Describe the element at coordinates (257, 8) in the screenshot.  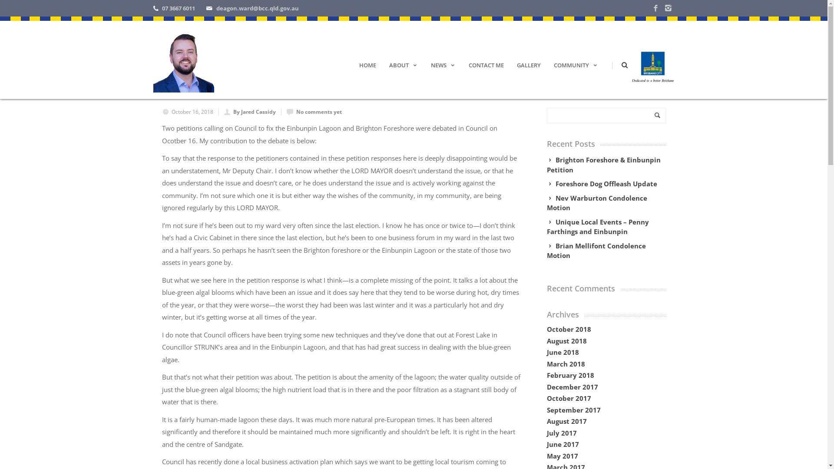
I see `'deagon.ward@bcc.qld.gov.au'` at that location.